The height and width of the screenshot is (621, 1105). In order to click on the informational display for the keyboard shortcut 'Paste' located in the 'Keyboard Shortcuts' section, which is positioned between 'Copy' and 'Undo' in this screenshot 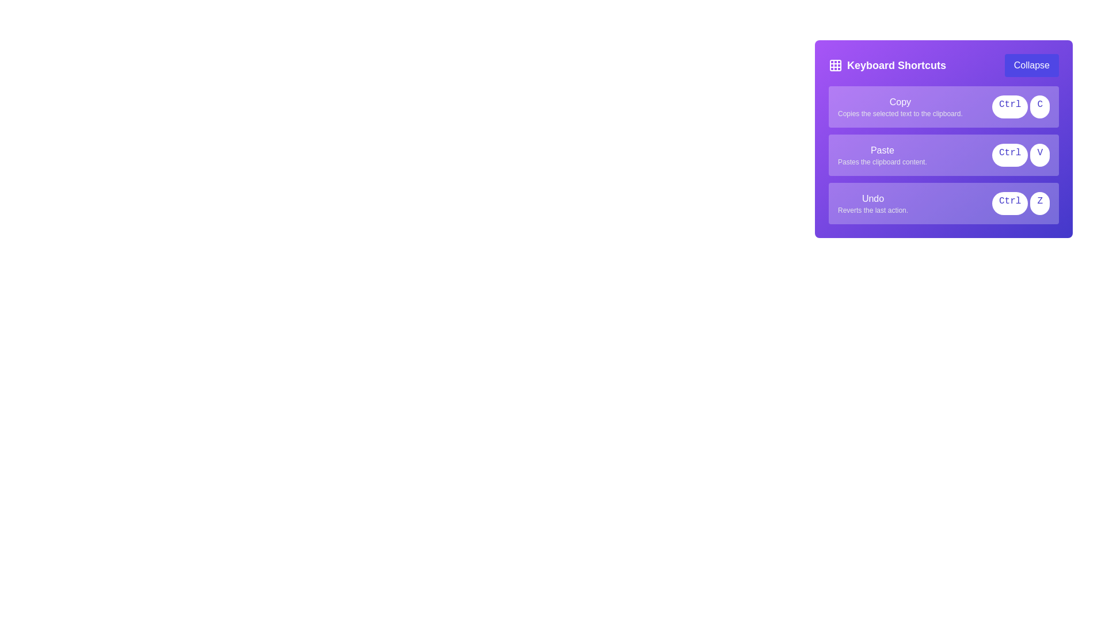, I will do `click(944, 155)`.